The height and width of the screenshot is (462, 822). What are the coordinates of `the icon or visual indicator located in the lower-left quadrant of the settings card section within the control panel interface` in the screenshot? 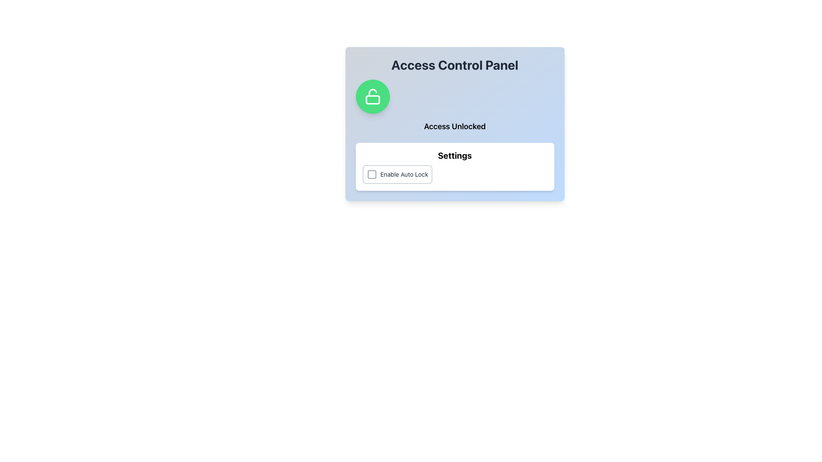 It's located at (372, 174).